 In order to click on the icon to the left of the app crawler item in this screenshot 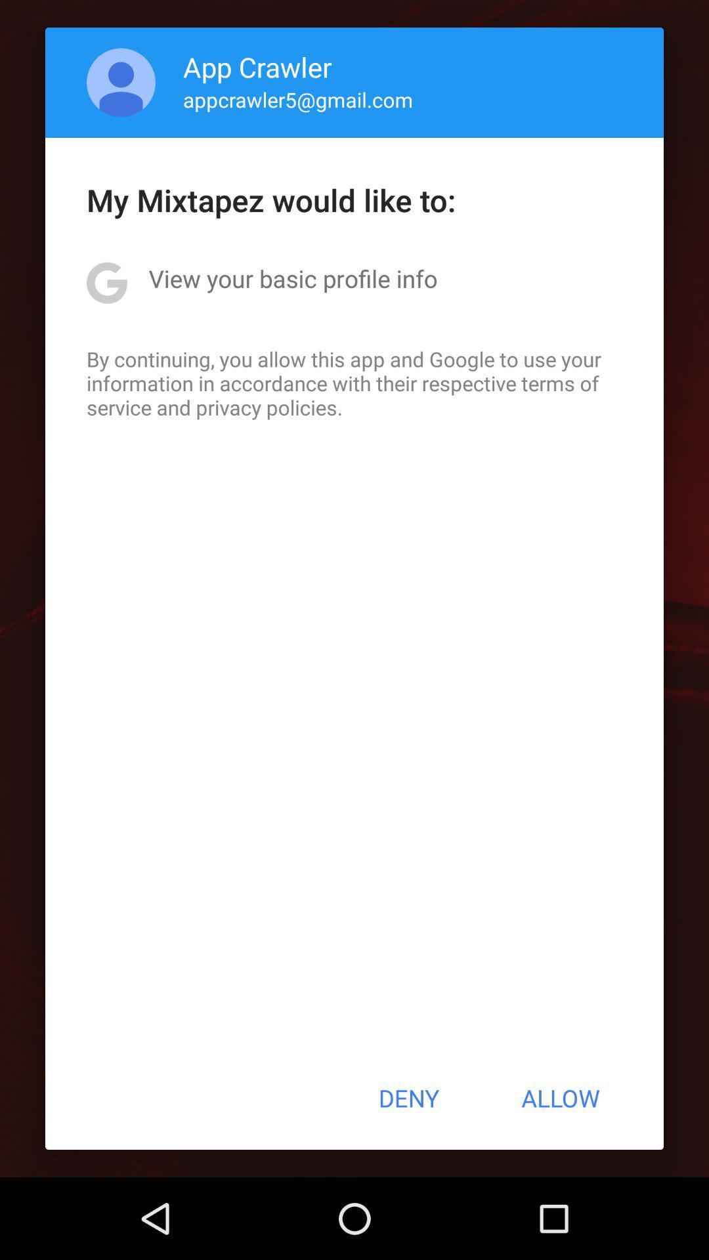, I will do `click(121, 81)`.